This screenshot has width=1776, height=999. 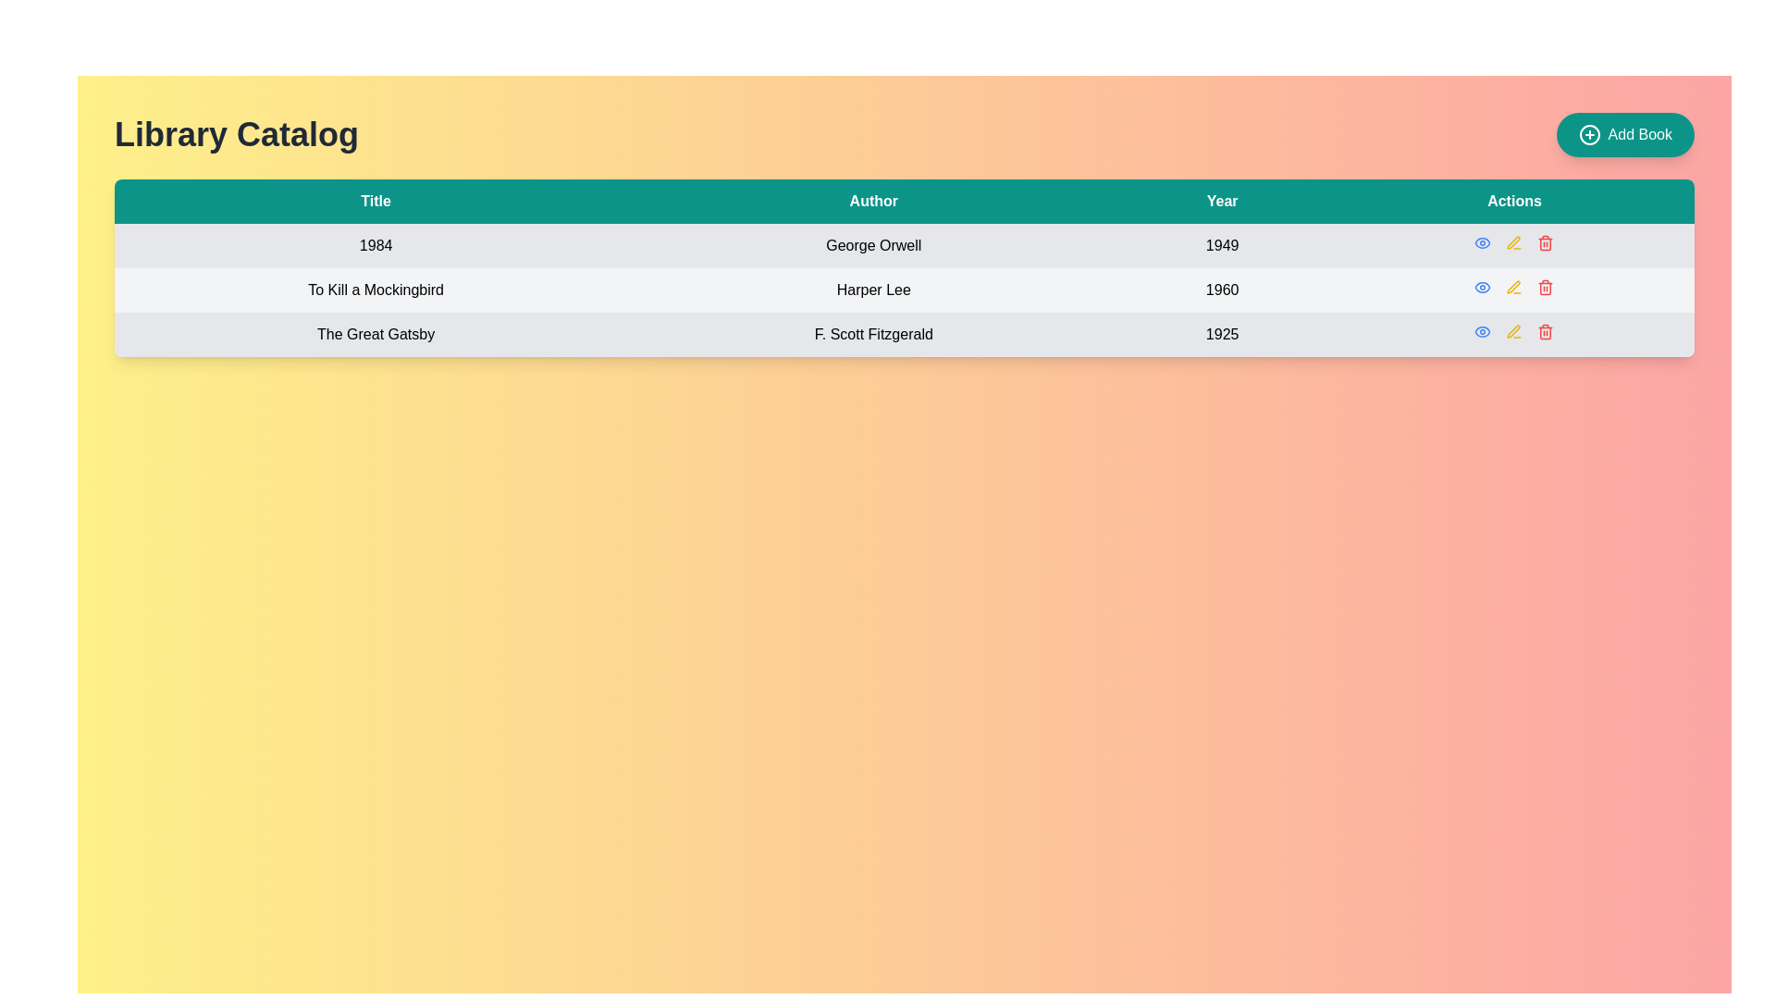 I want to click on the trashcan icon button for deletion functionality, located in the 'Actions' column of the third row associated with 'The Great Gatsby', so click(x=1546, y=330).